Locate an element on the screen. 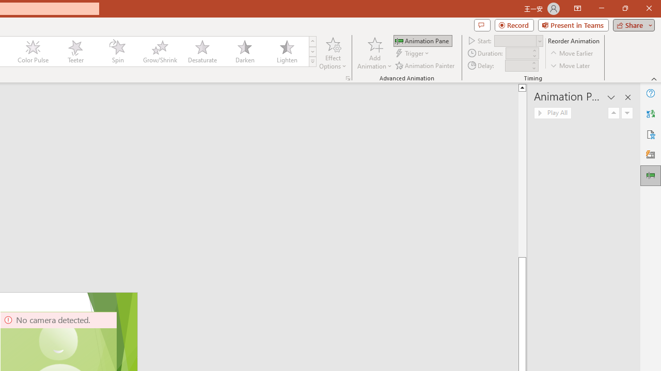 The width and height of the screenshot is (661, 371). 'Move Earlier' is located at coordinates (571, 53).